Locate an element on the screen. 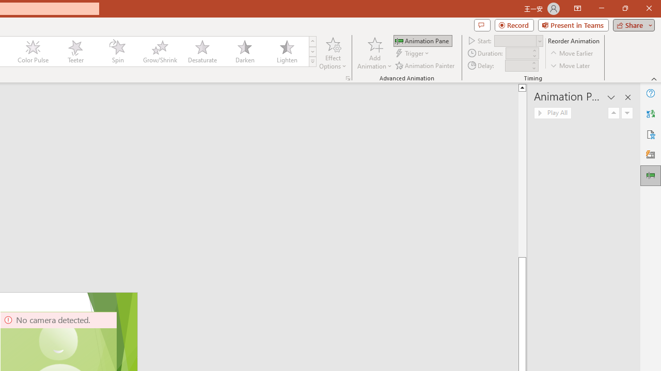 The width and height of the screenshot is (661, 371). 'Move Earlier' is located at coordinates (571, 53).